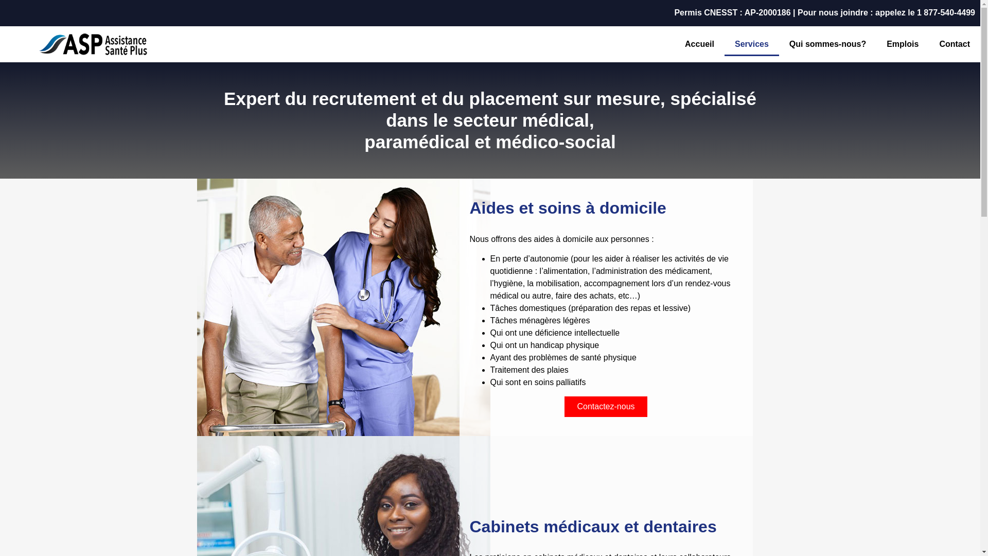 Image resolution: width=988 pixels, height=556 pixels. I want to click on 'Services', so click(751, 43).